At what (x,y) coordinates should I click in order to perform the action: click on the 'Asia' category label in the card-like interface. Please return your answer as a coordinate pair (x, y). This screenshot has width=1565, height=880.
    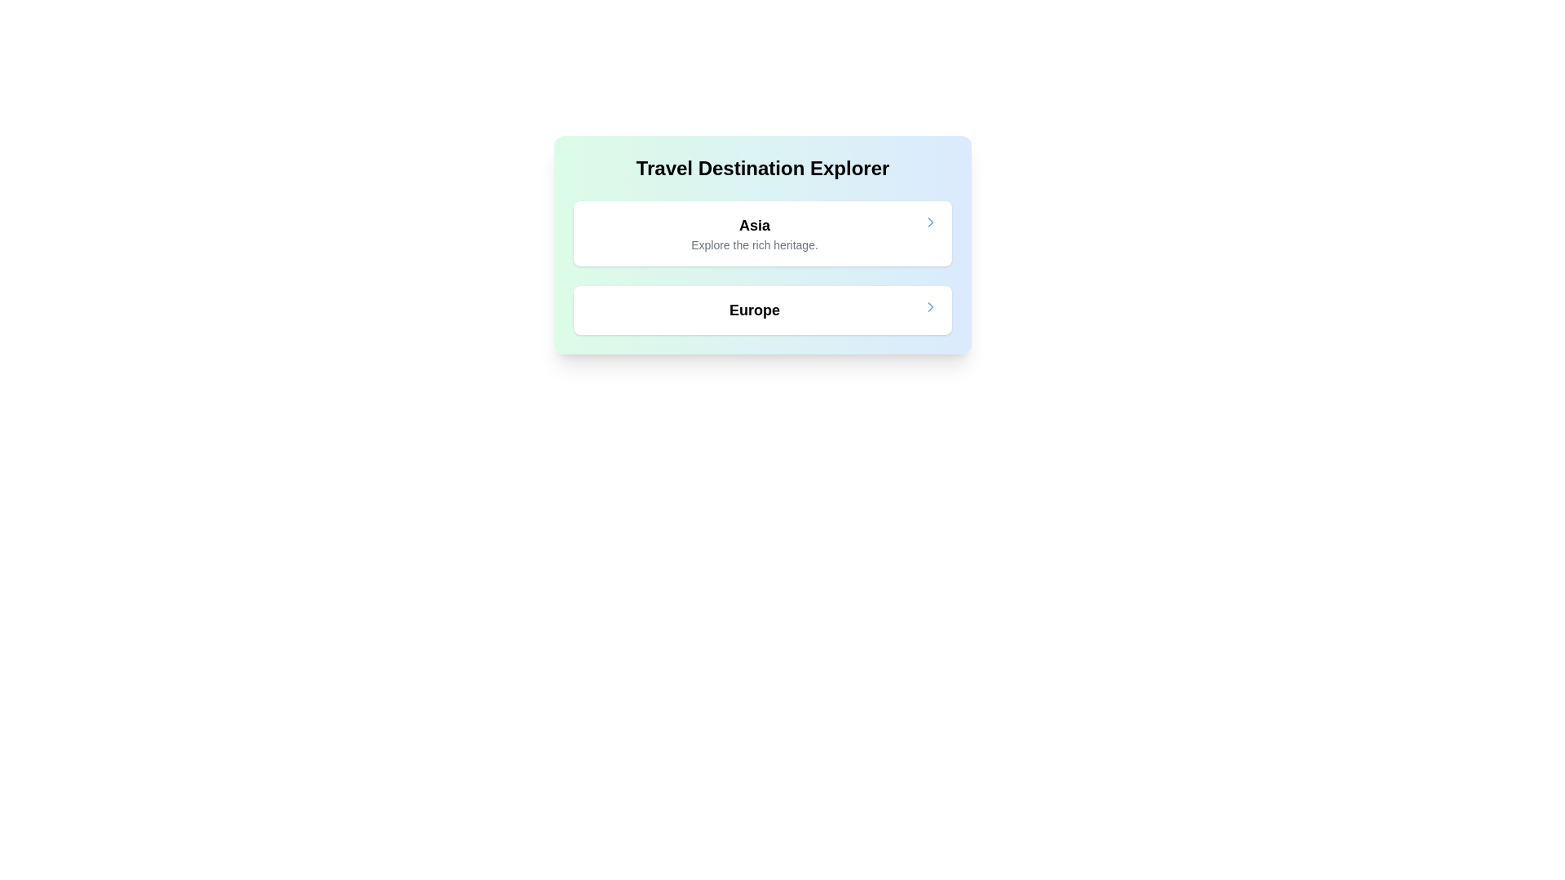
    Looking at the image, I should click on (754, 233).